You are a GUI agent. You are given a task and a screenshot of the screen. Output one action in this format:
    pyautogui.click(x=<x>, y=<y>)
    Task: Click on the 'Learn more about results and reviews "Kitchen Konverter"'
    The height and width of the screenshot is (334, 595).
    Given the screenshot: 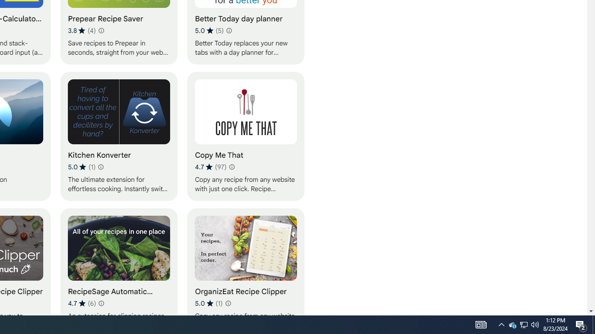 What is the action you would take?
    pyautogui.click(x=100, y=167)
    